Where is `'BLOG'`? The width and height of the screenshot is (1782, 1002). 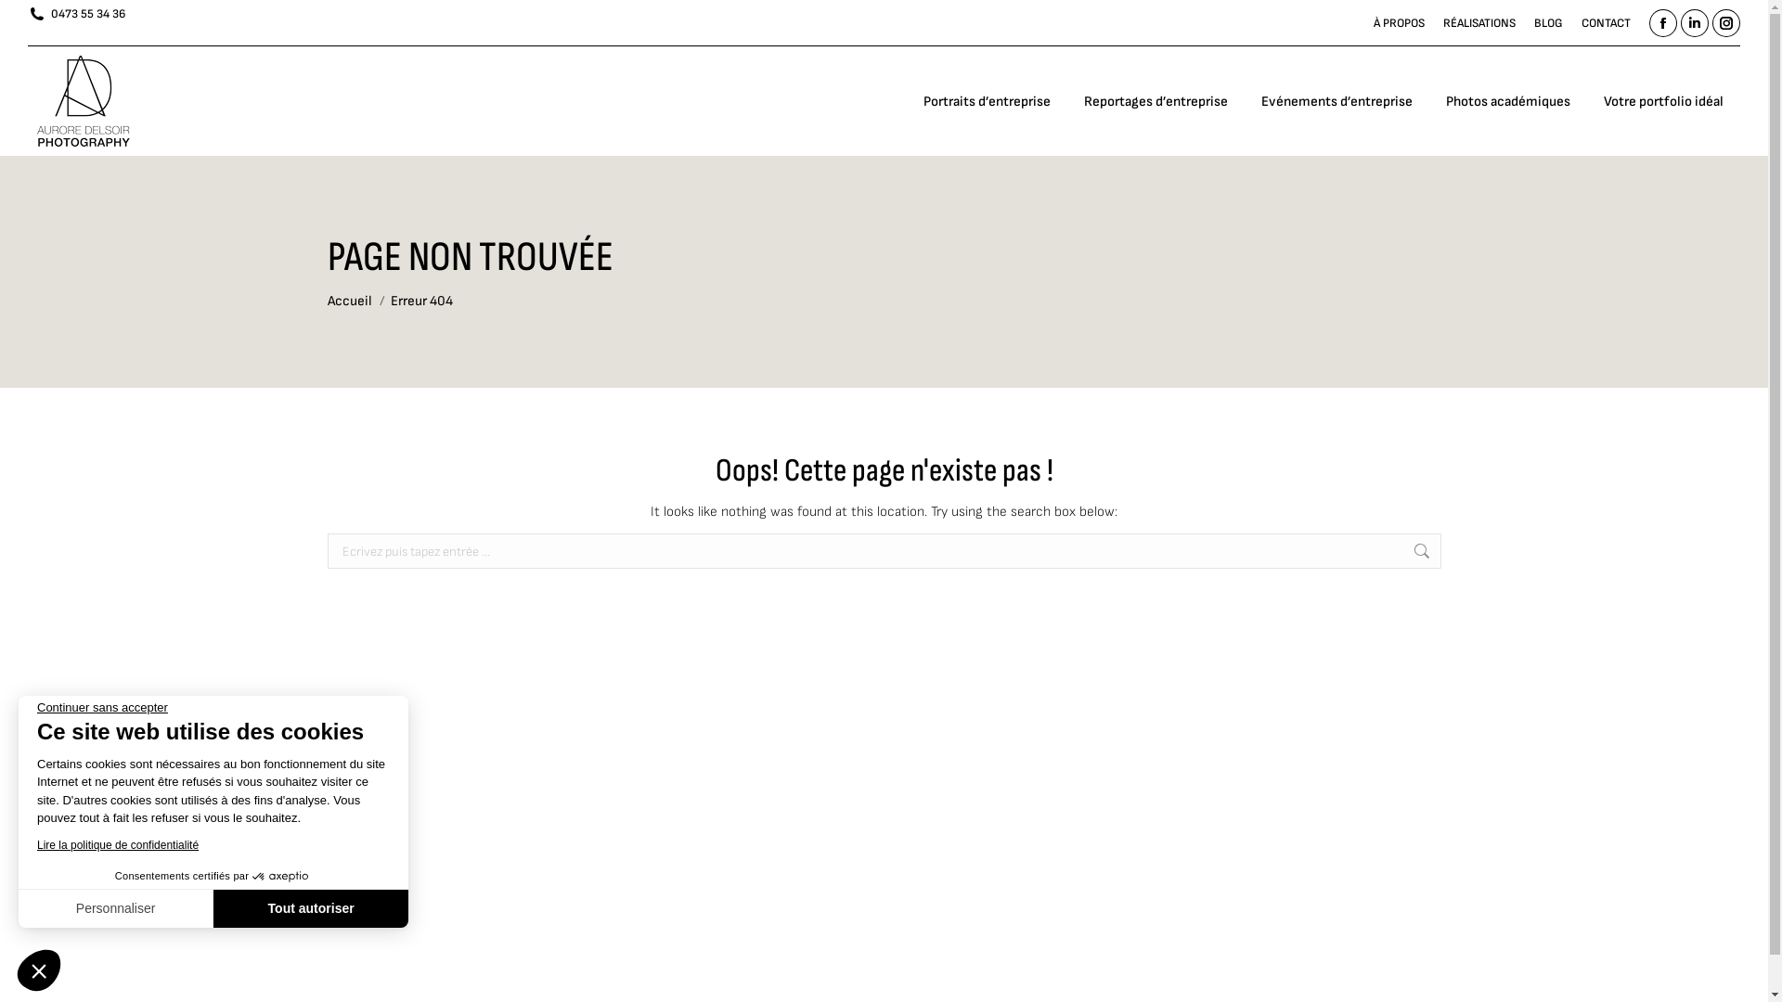 'BLOG' is located at coordinates (1548, 23).